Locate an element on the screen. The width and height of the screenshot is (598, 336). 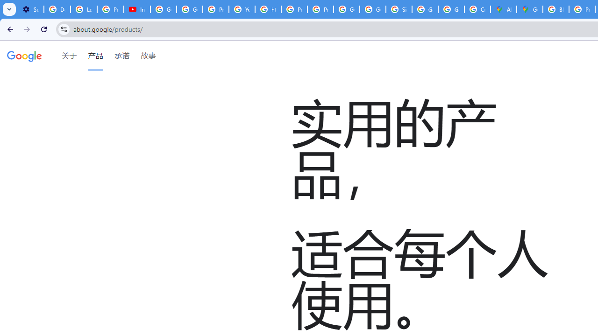
'Delete photos & videos - Computer - Google Photos Help' is located at coordinates (57, 9).